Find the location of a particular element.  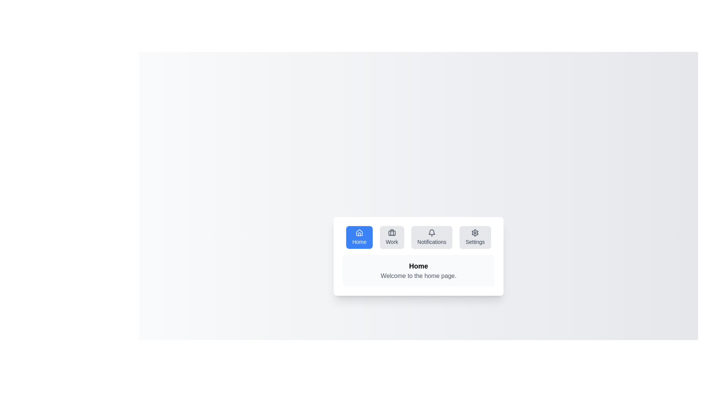

the gear-shaped icon representing settings functionality located at the far right of the navigation bar is located at coordinates (475, 232).